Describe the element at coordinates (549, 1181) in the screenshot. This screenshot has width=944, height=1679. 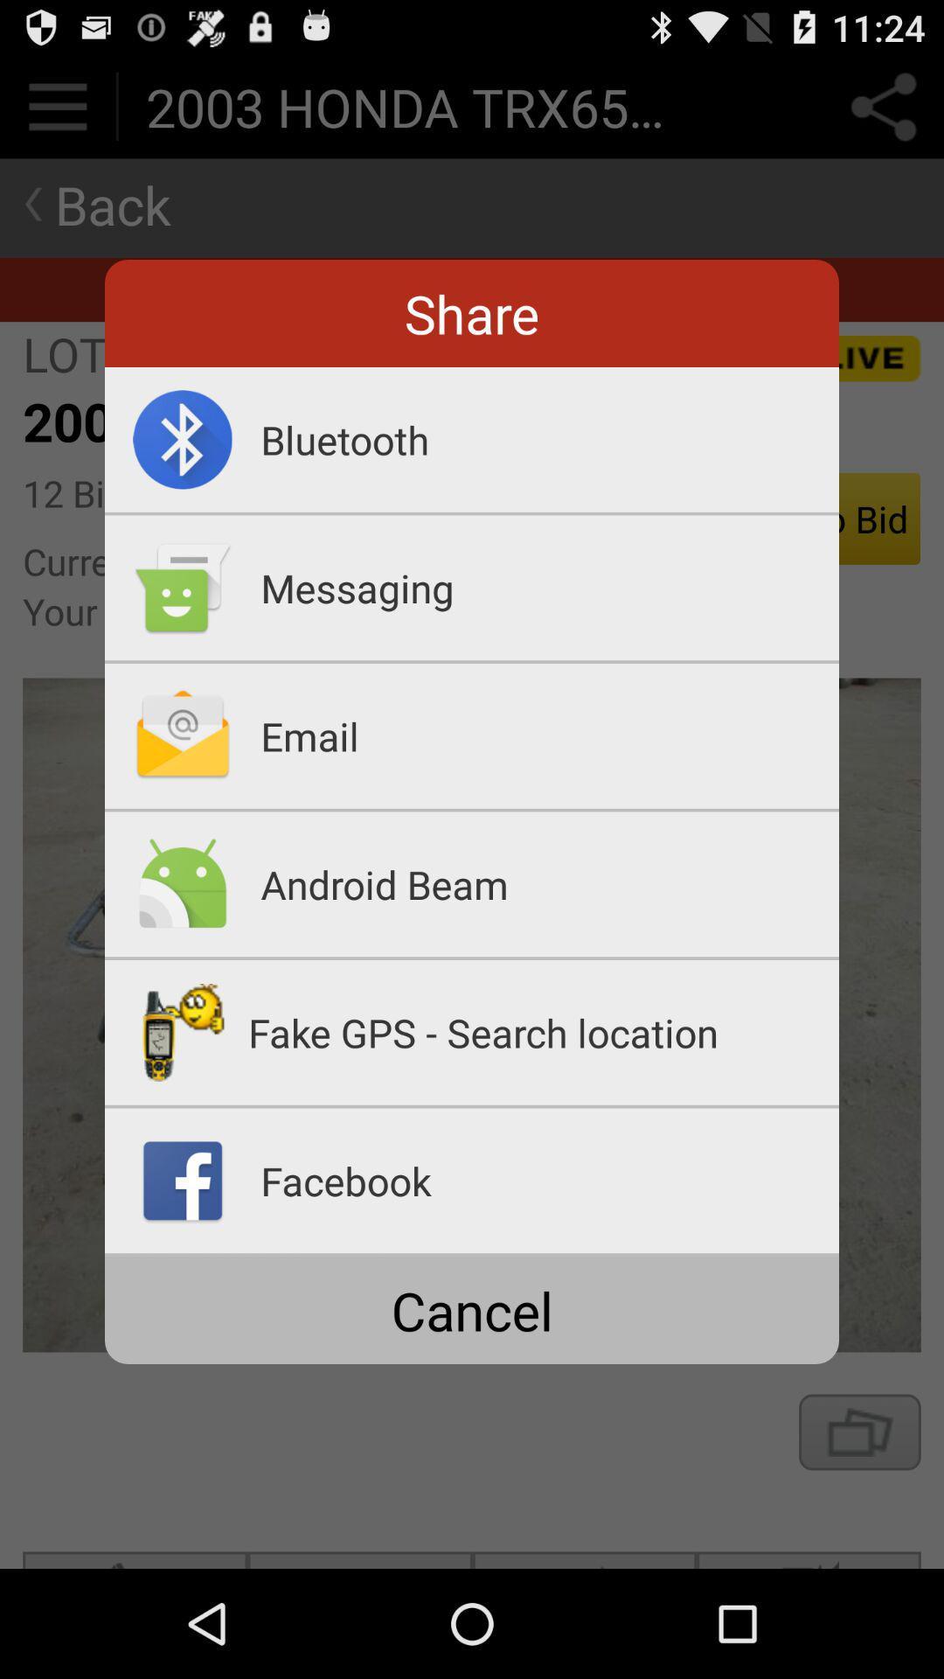
I see `the facebook app` at that location.